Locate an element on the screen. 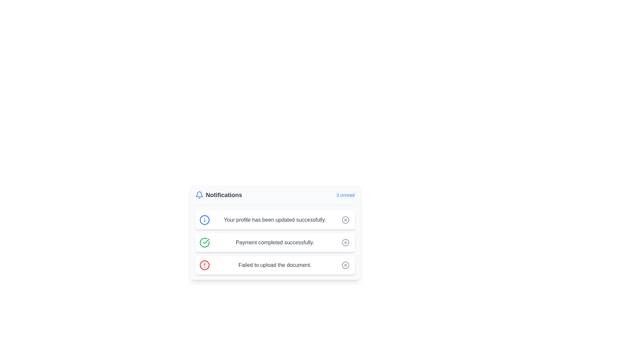 The image size is (638, 359). the static text label that shows '3 unread', which is a small, blue-colored text located at the far-right corner of the notifications box, next to the 'Notifications' title is located at coordinates (345, 194).